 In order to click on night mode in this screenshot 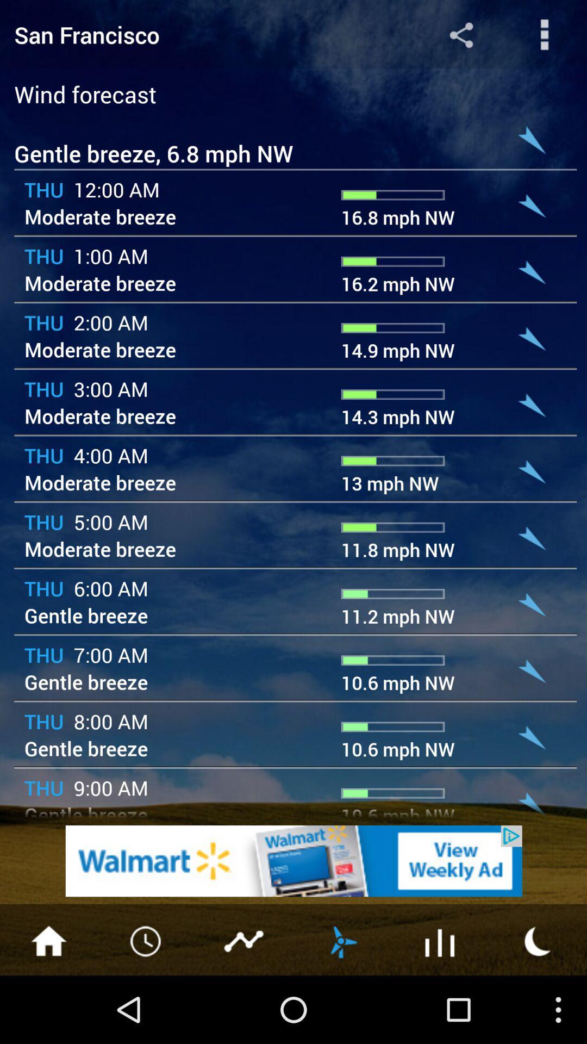, I will do `click(538, 940)`.